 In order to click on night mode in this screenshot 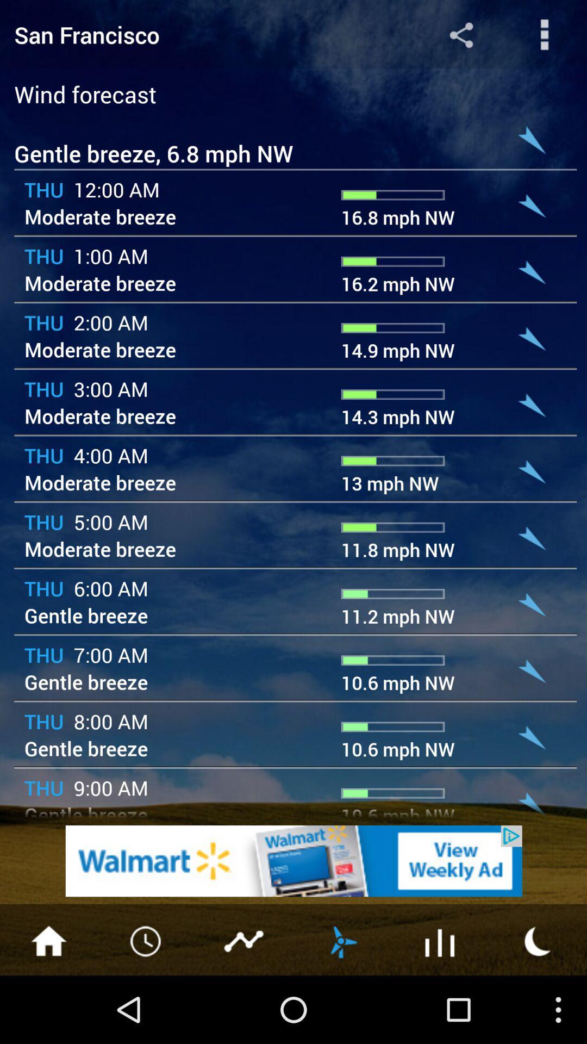, I will do `click(538, 940)`.